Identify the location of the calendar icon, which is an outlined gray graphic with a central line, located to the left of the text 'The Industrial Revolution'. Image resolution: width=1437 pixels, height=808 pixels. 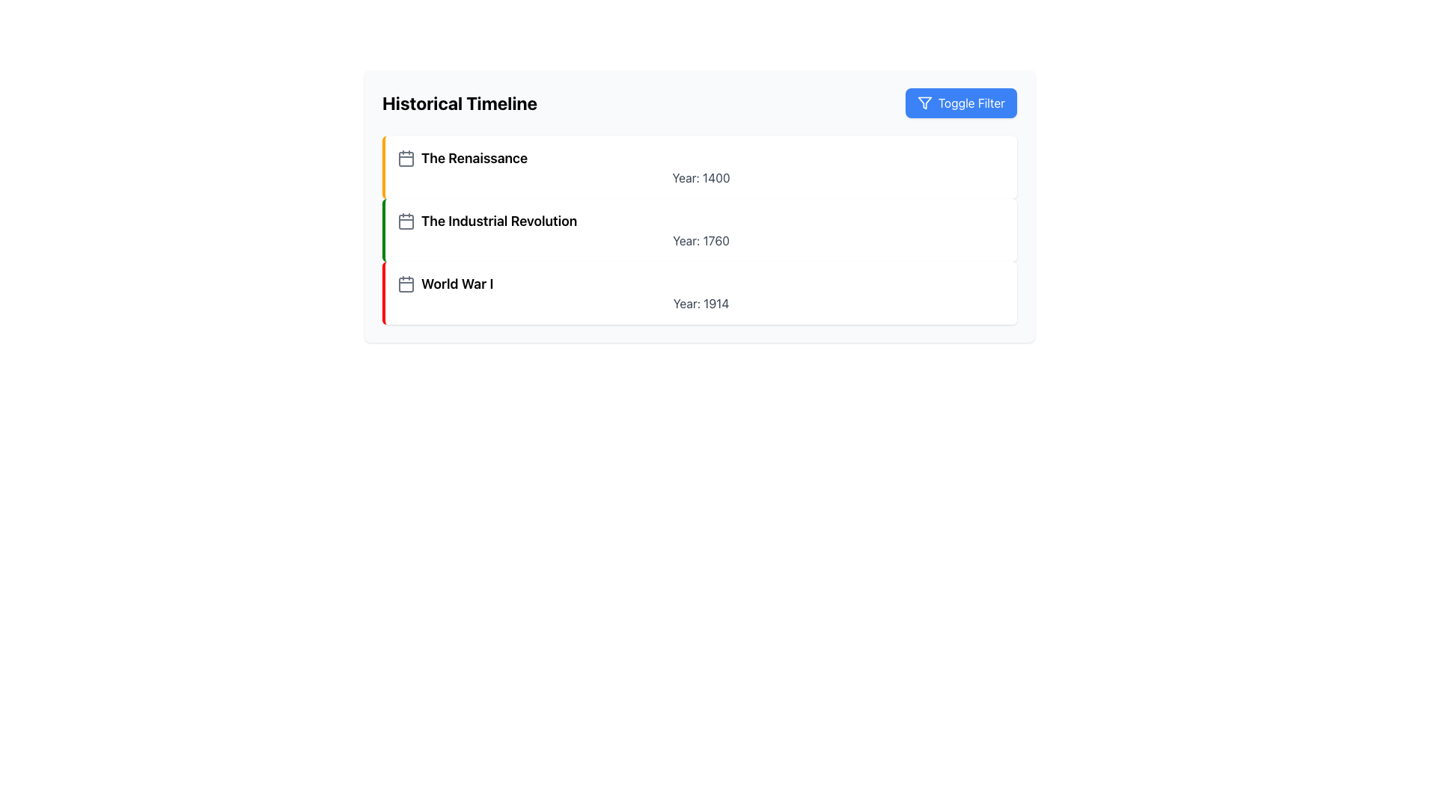
(406, 221).